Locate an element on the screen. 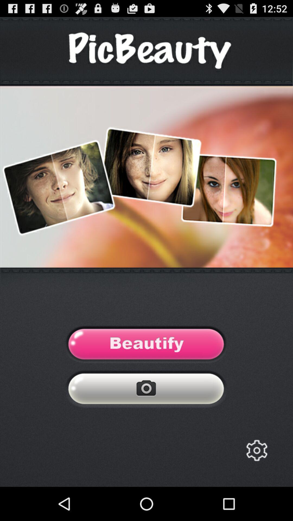 The image size is (293, 521). picture is located at coordinates (146, 390).